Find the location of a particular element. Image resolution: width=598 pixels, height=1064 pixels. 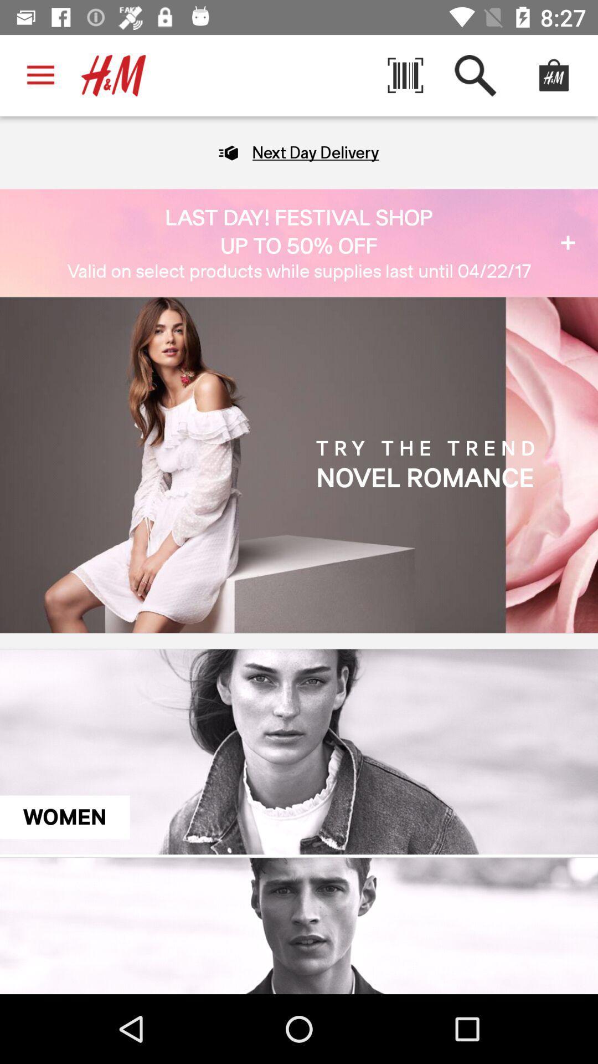

the next day delivery item is located at coordinates (316, 152).